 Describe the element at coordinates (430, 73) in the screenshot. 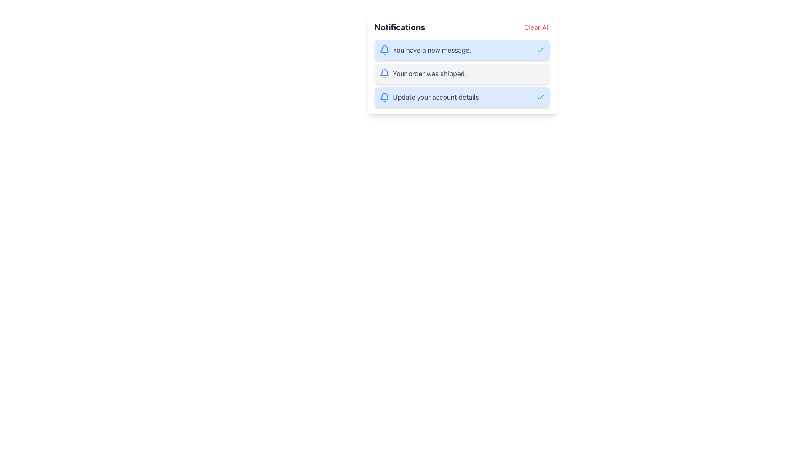

I see `informational text label indicating a shipped order, which is the second notification card in a vertical stack of three cards, positioned below 'You have a new message.' and above 'Update your account details.'` at that location.